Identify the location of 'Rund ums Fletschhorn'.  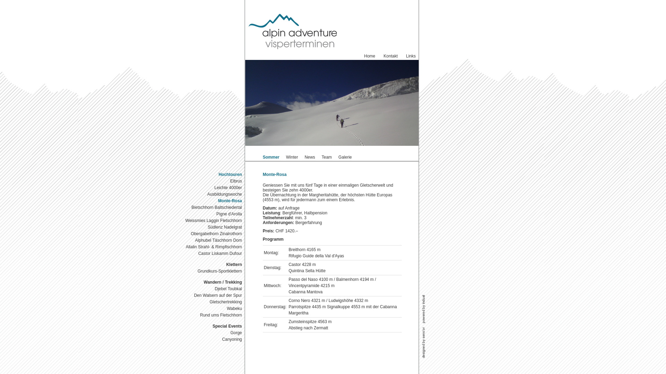
(211, 315).